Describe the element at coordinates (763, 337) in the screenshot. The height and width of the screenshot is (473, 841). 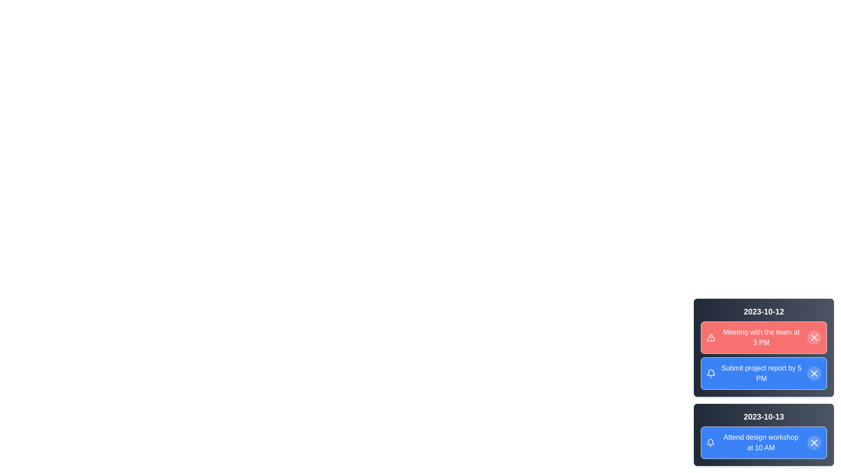
I see `the notification with content 'Meeting with the team at 3 PM'` at that location.